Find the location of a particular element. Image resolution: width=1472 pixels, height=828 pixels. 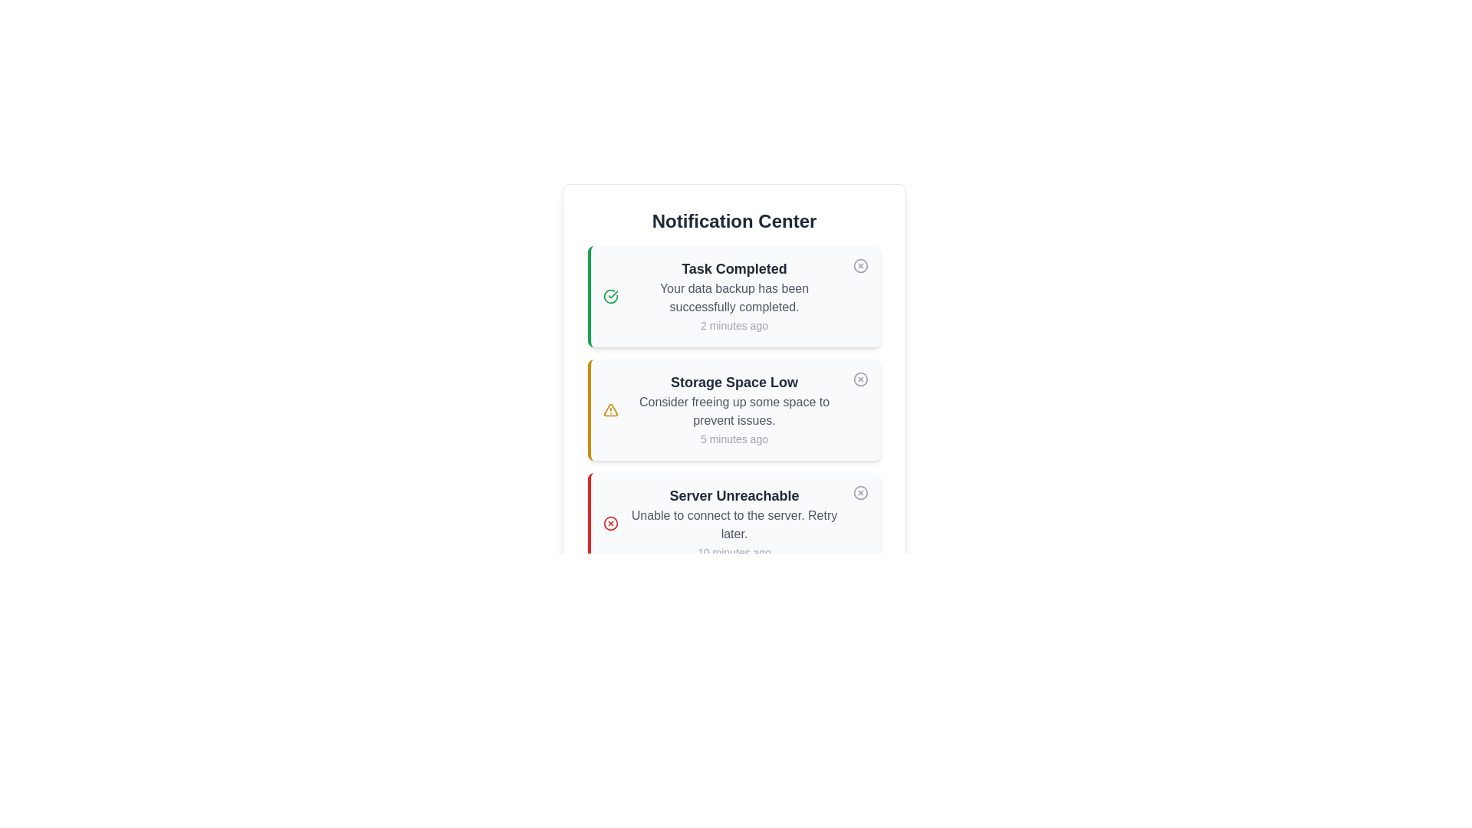

the text label displaying '5 minutes ago', which is styled in gray and positioned beneath the message about freeing up space under the notification titled 'Storage Space Low' is located at coordinates (734, 439).